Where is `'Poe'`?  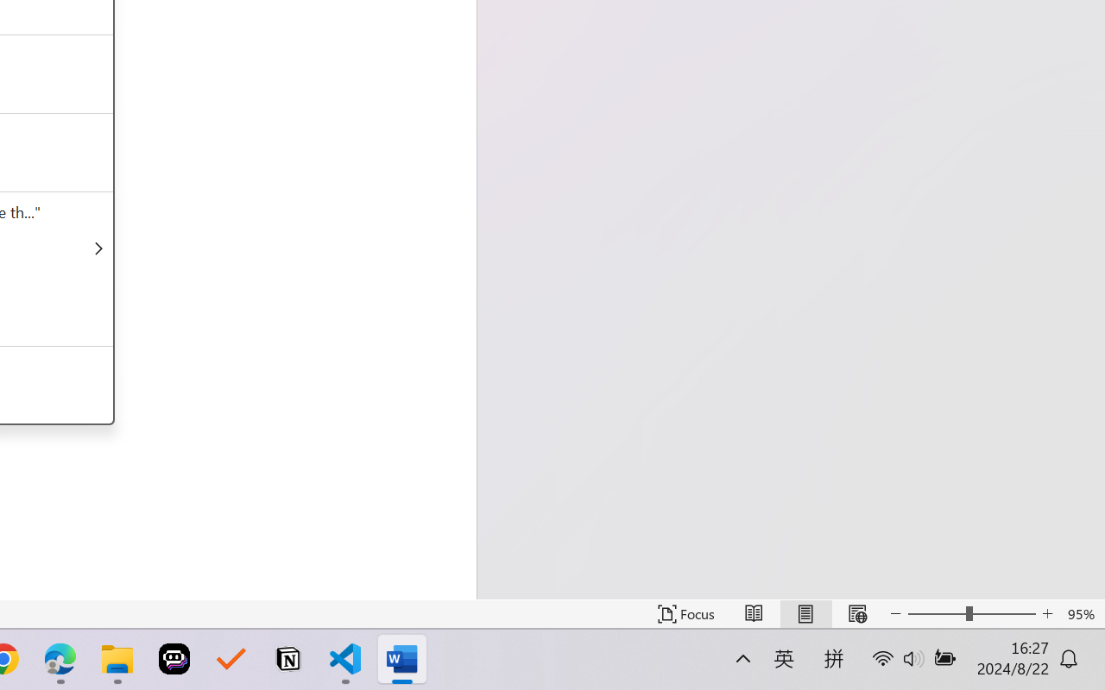 'Poe' is located at coordinates (174, 659).